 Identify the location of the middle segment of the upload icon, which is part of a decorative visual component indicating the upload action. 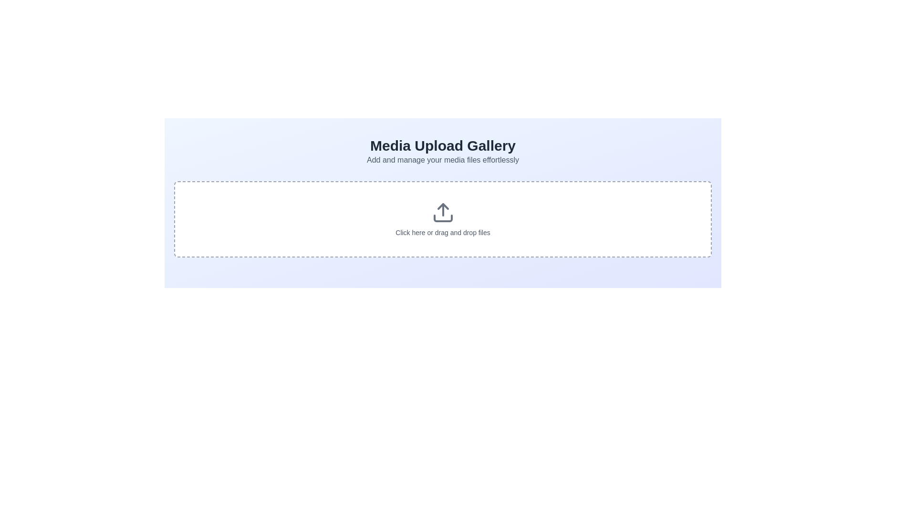
(442, 206).